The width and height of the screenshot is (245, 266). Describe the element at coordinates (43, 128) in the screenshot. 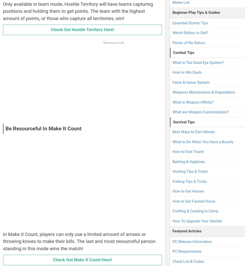

I see `'Be Resourceful In Make It Count'` at that location.